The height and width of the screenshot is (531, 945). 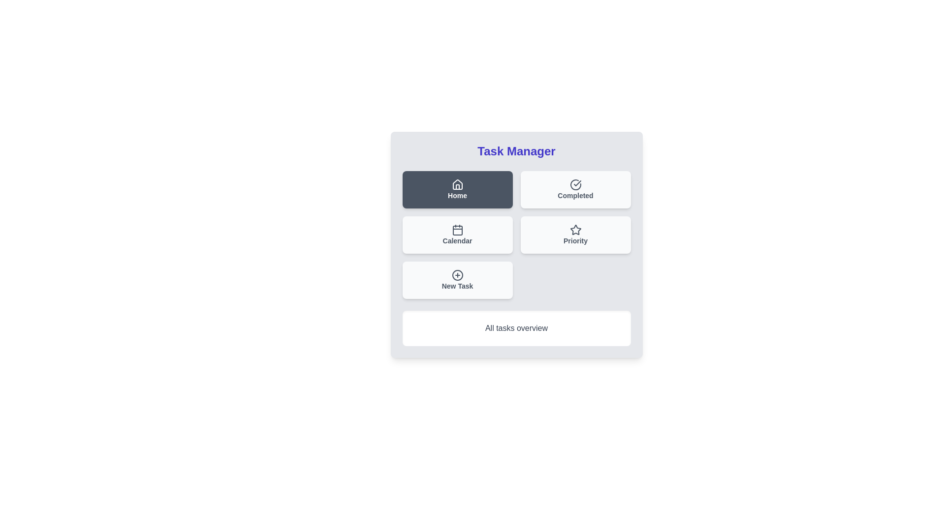 I want to click on the Decorative icon element of the 'New Task' button, which is the central part of the button representing the functionality for adding new tasks, so click(x=457, y=275).